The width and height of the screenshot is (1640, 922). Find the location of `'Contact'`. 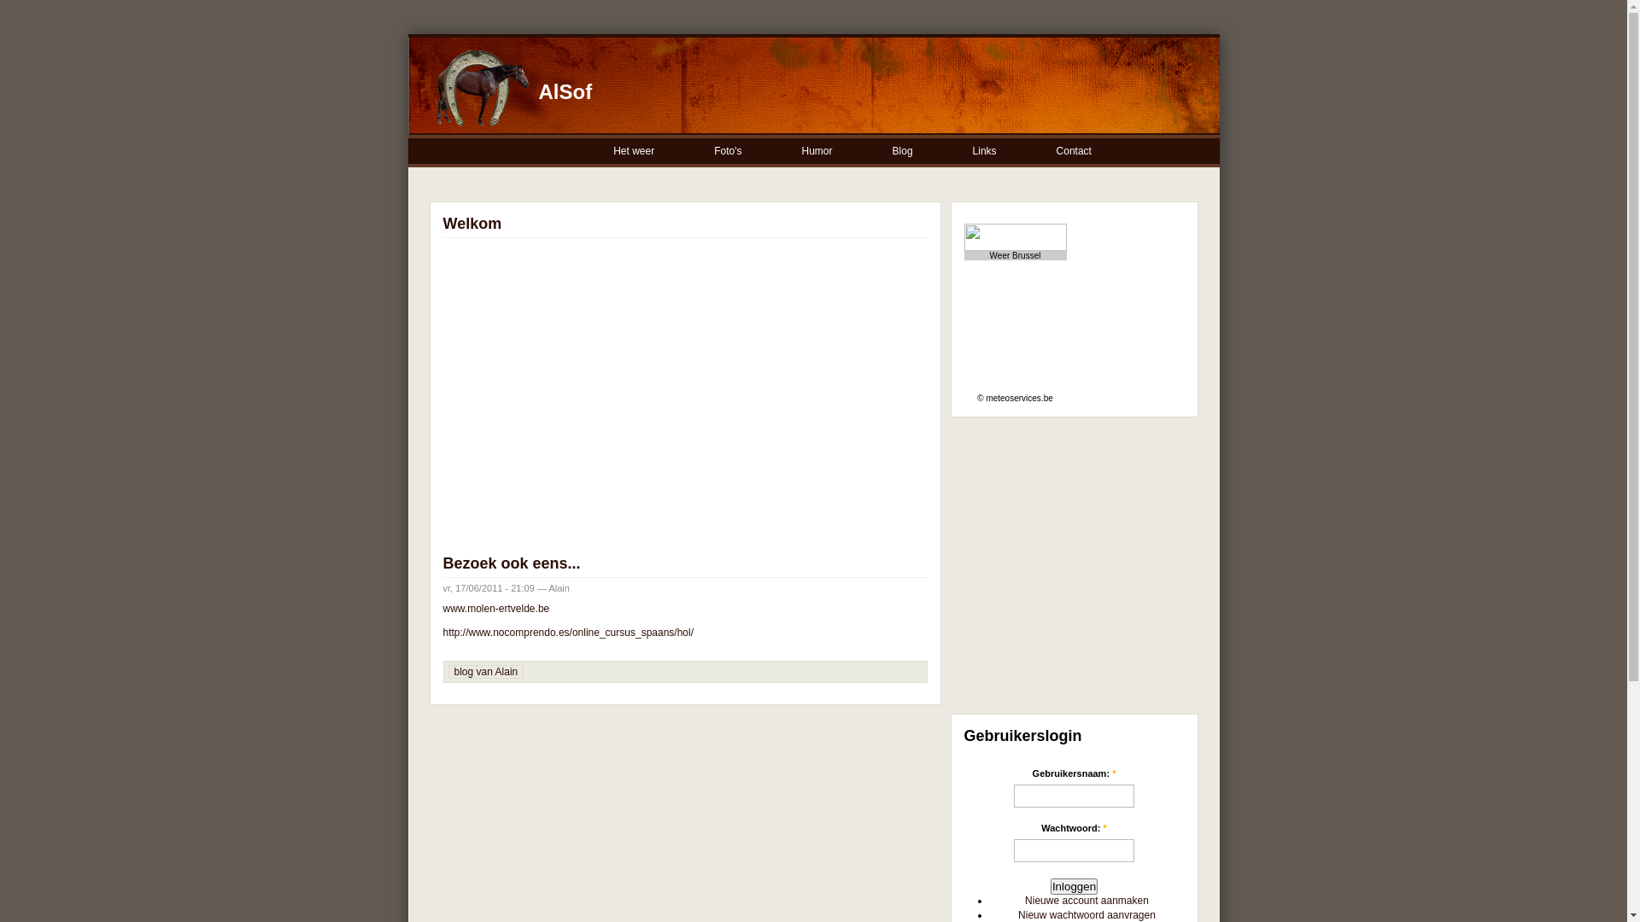

'Contact' is located at coordinates (1074, 150).